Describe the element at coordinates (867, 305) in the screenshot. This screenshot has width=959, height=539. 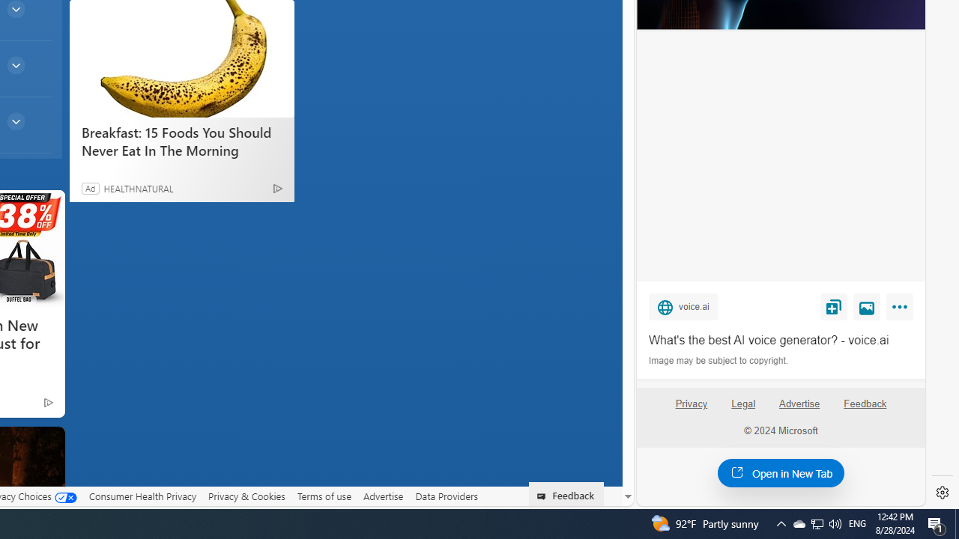
I see `'View image'` at that location.